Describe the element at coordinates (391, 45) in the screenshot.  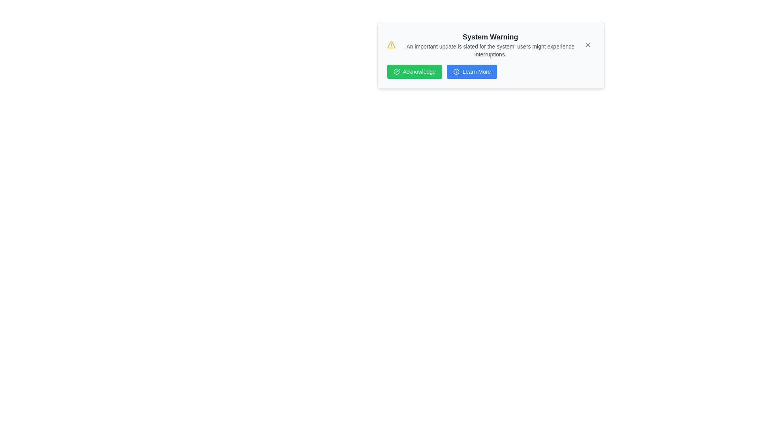
I see `the warning icon that serves to alert users about an important system message, located to the left of the 'System Warning' text` at that location.